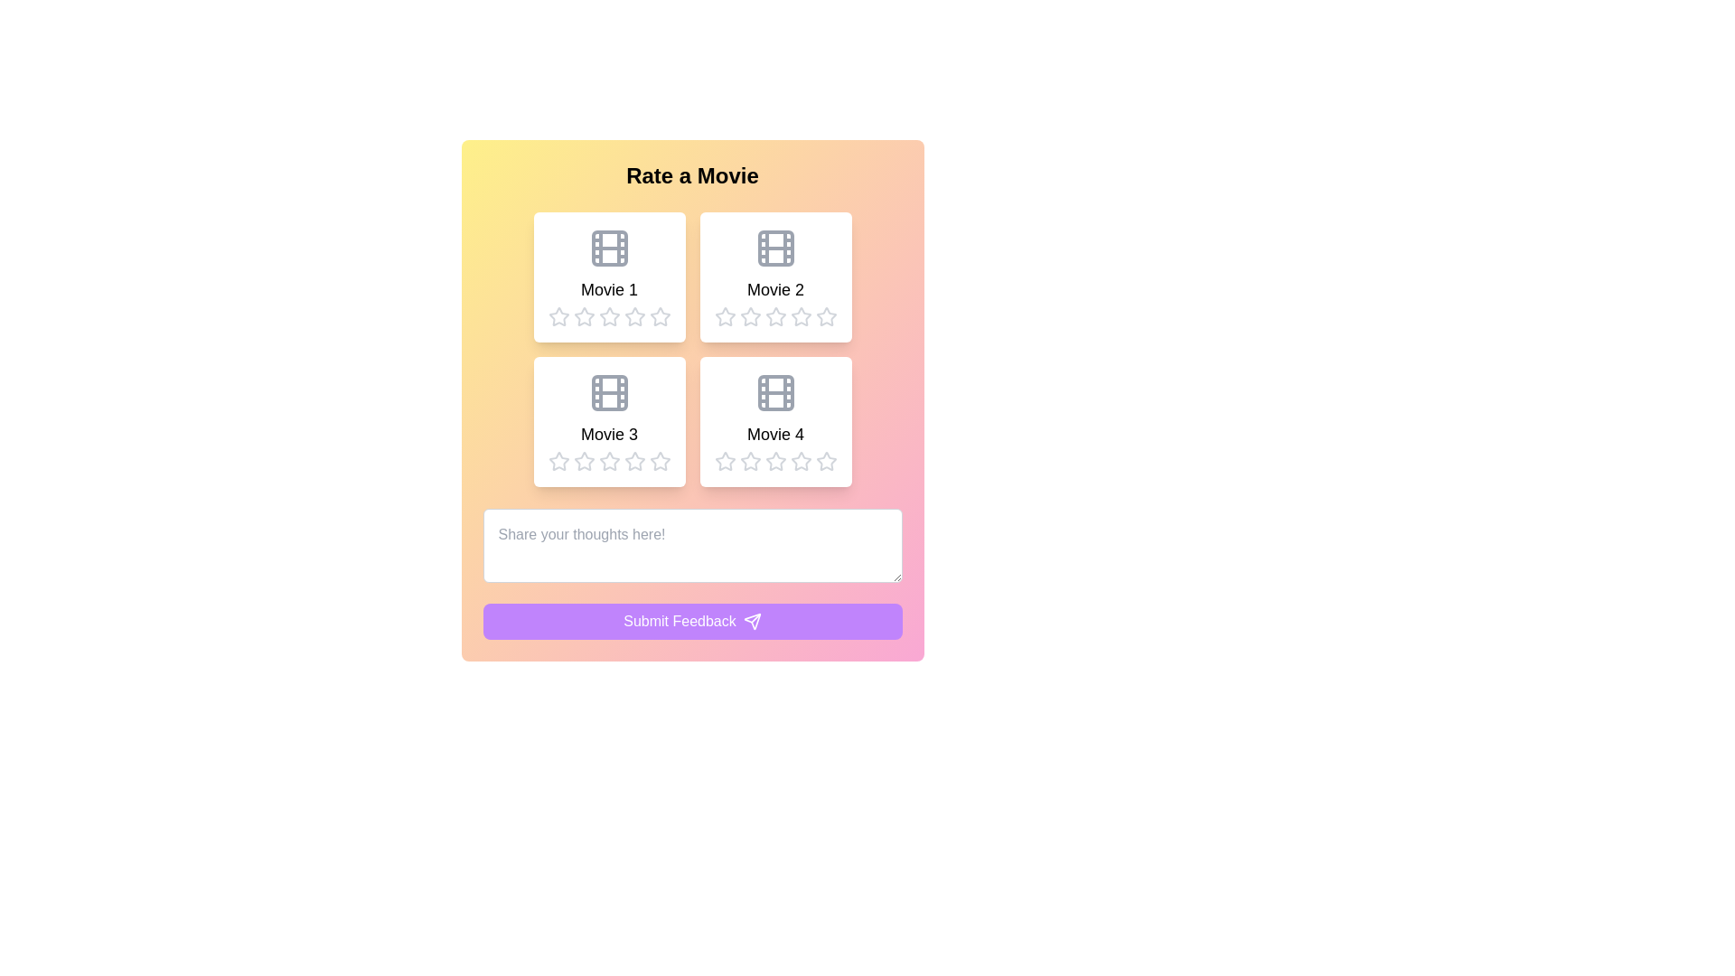  What do you see at coordinates (752, 620) in the screenshot?
I see `the SVG icon within the 'Submit Feedback' button located in the bottom-right corner` at bounding box center [752, 620].